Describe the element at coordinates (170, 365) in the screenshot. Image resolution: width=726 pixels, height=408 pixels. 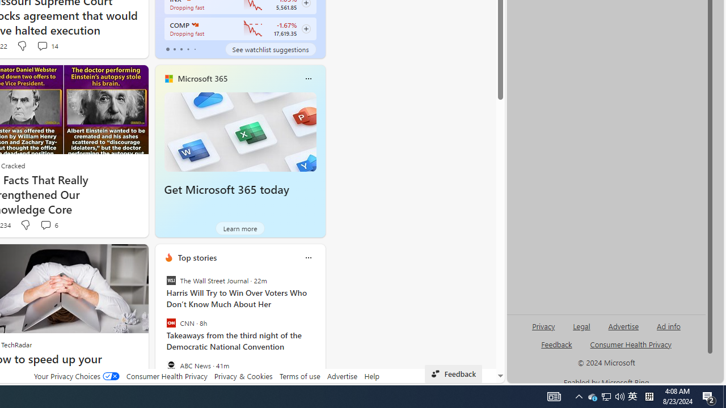
I see `'ABC News'` at that location.